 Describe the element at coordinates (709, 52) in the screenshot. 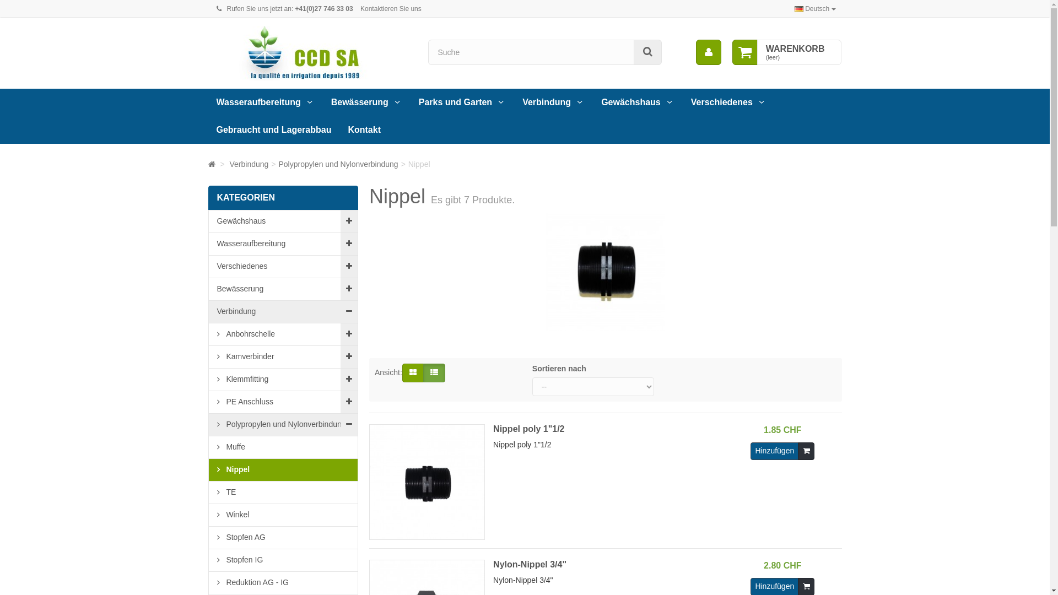

I see `'Mein Konto'` at that location.